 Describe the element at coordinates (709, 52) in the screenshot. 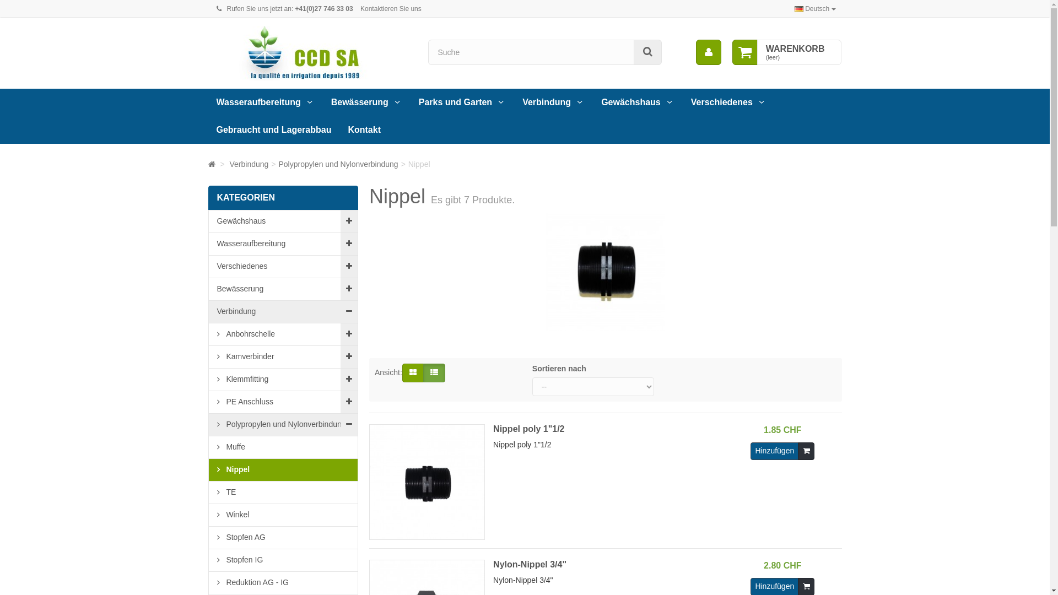

I see `'Mein Konto'` at that location.